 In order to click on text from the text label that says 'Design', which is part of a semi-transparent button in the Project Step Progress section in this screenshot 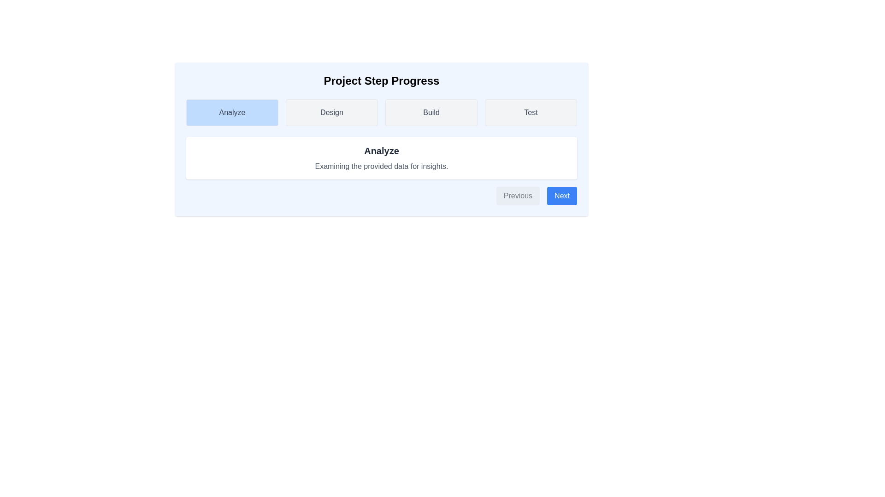, I will do `click(332, 112)`.